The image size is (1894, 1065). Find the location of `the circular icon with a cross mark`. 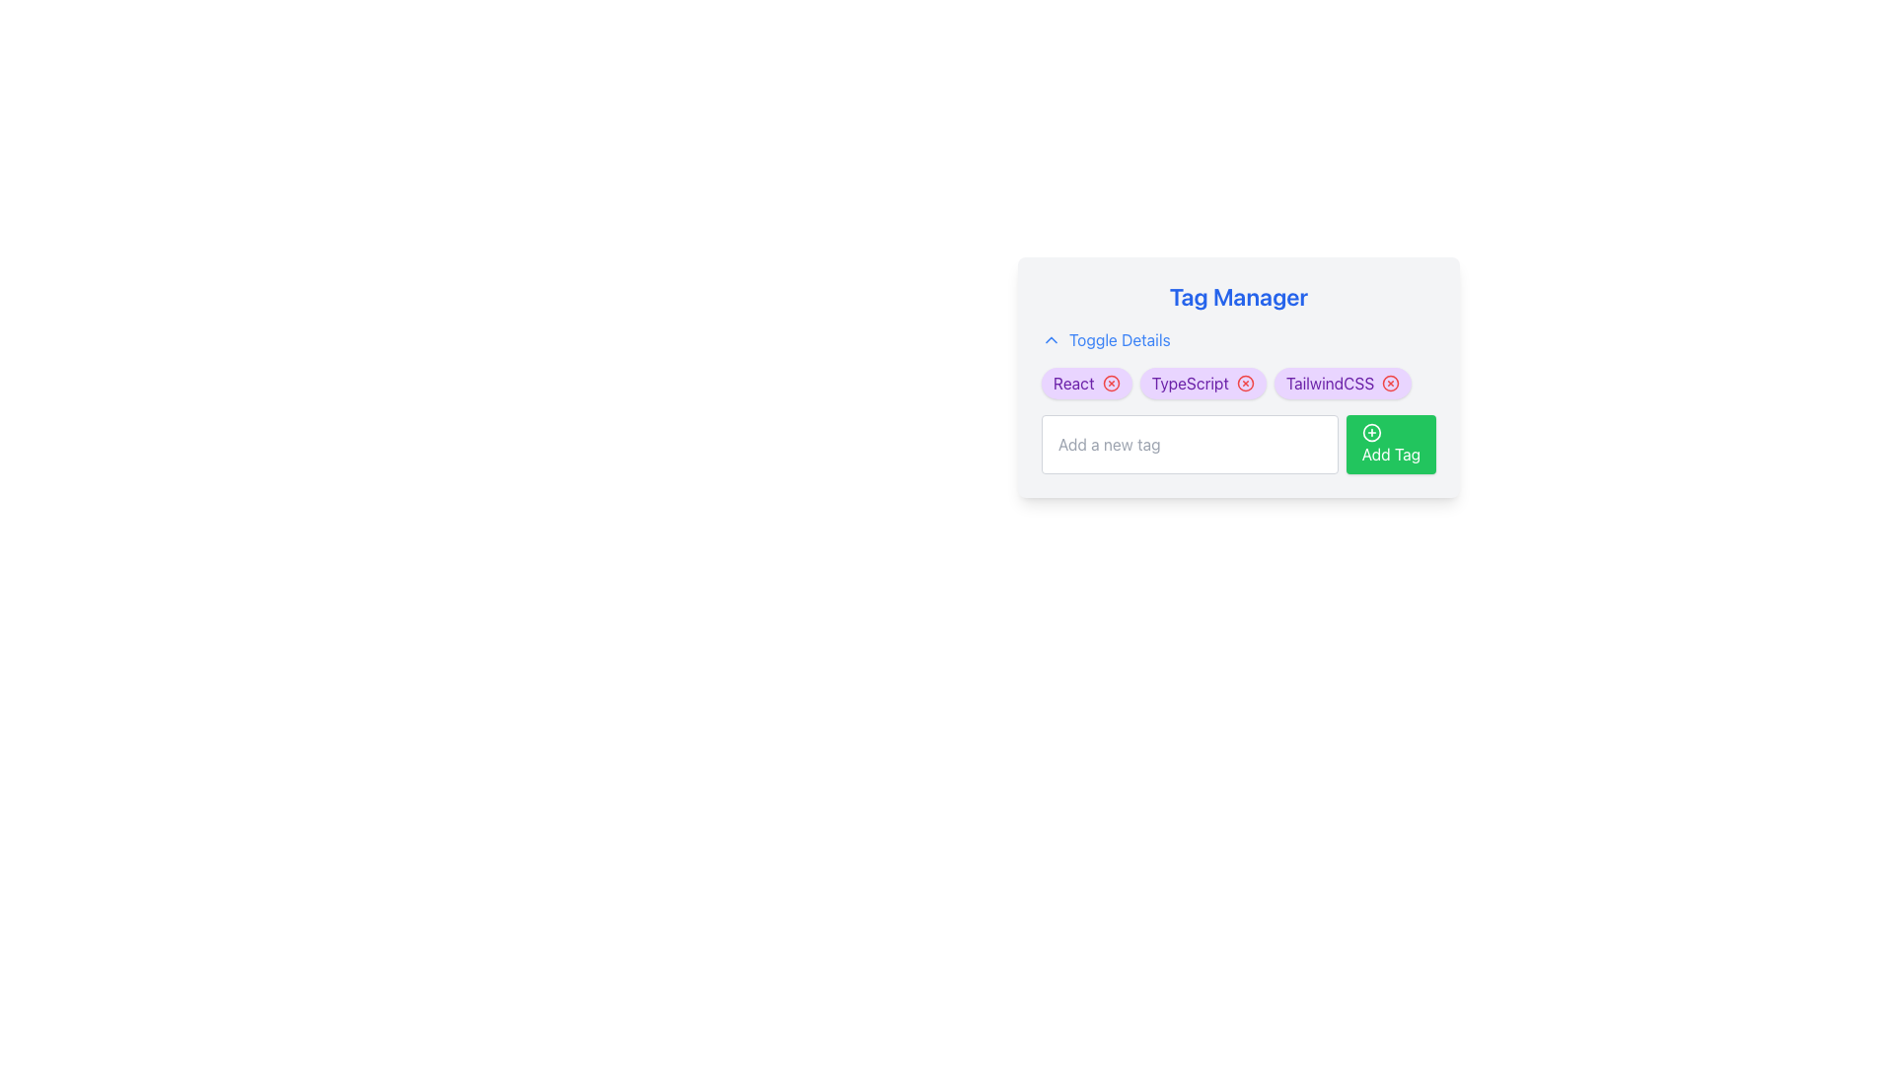

the circular icon with a cross mark is located at coordinates (1244, 384).